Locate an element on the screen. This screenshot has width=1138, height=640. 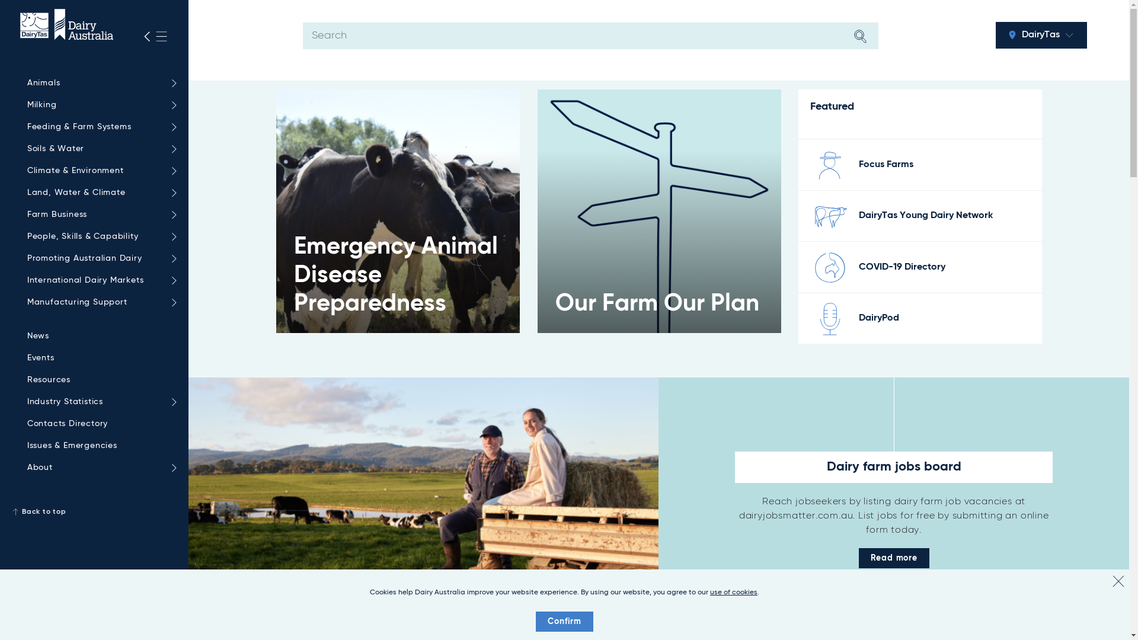
'Soils & Water' is located at coordinates (99, 148).